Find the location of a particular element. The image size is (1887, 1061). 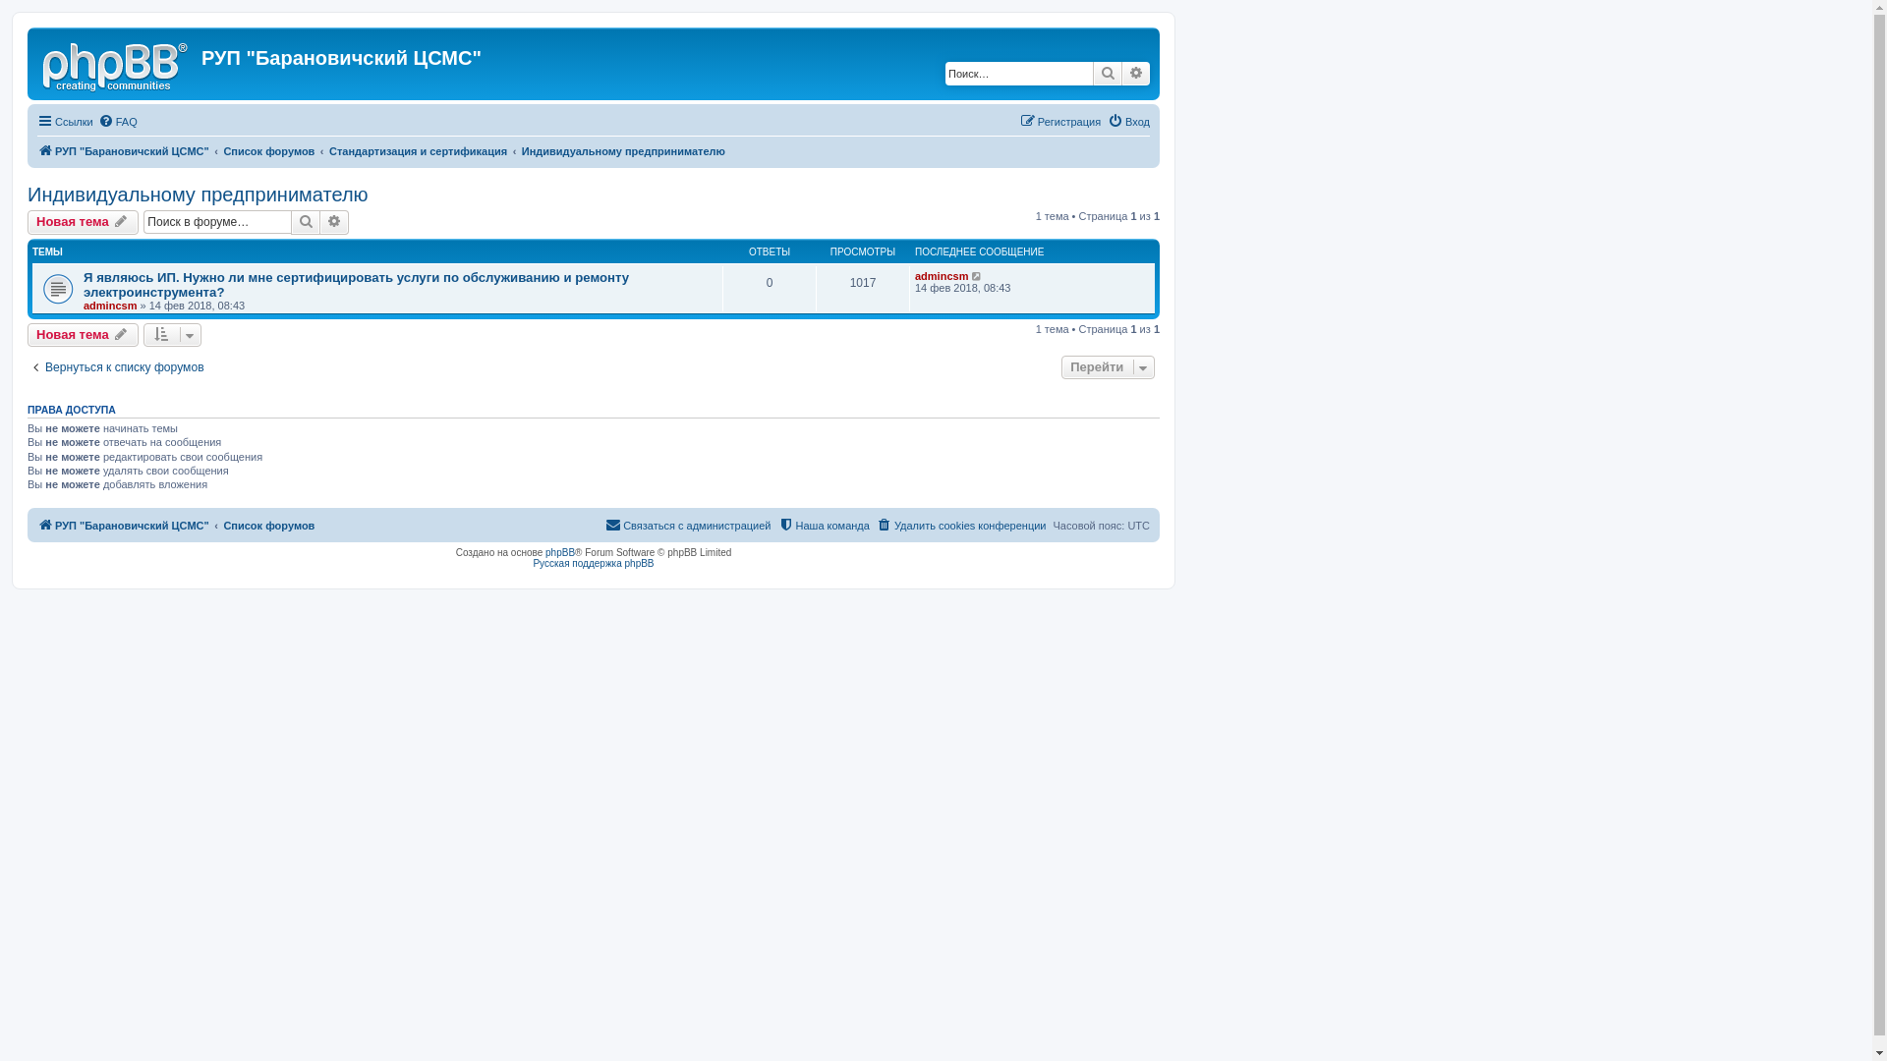

'FAQ' is located at coordinates (117, 121).